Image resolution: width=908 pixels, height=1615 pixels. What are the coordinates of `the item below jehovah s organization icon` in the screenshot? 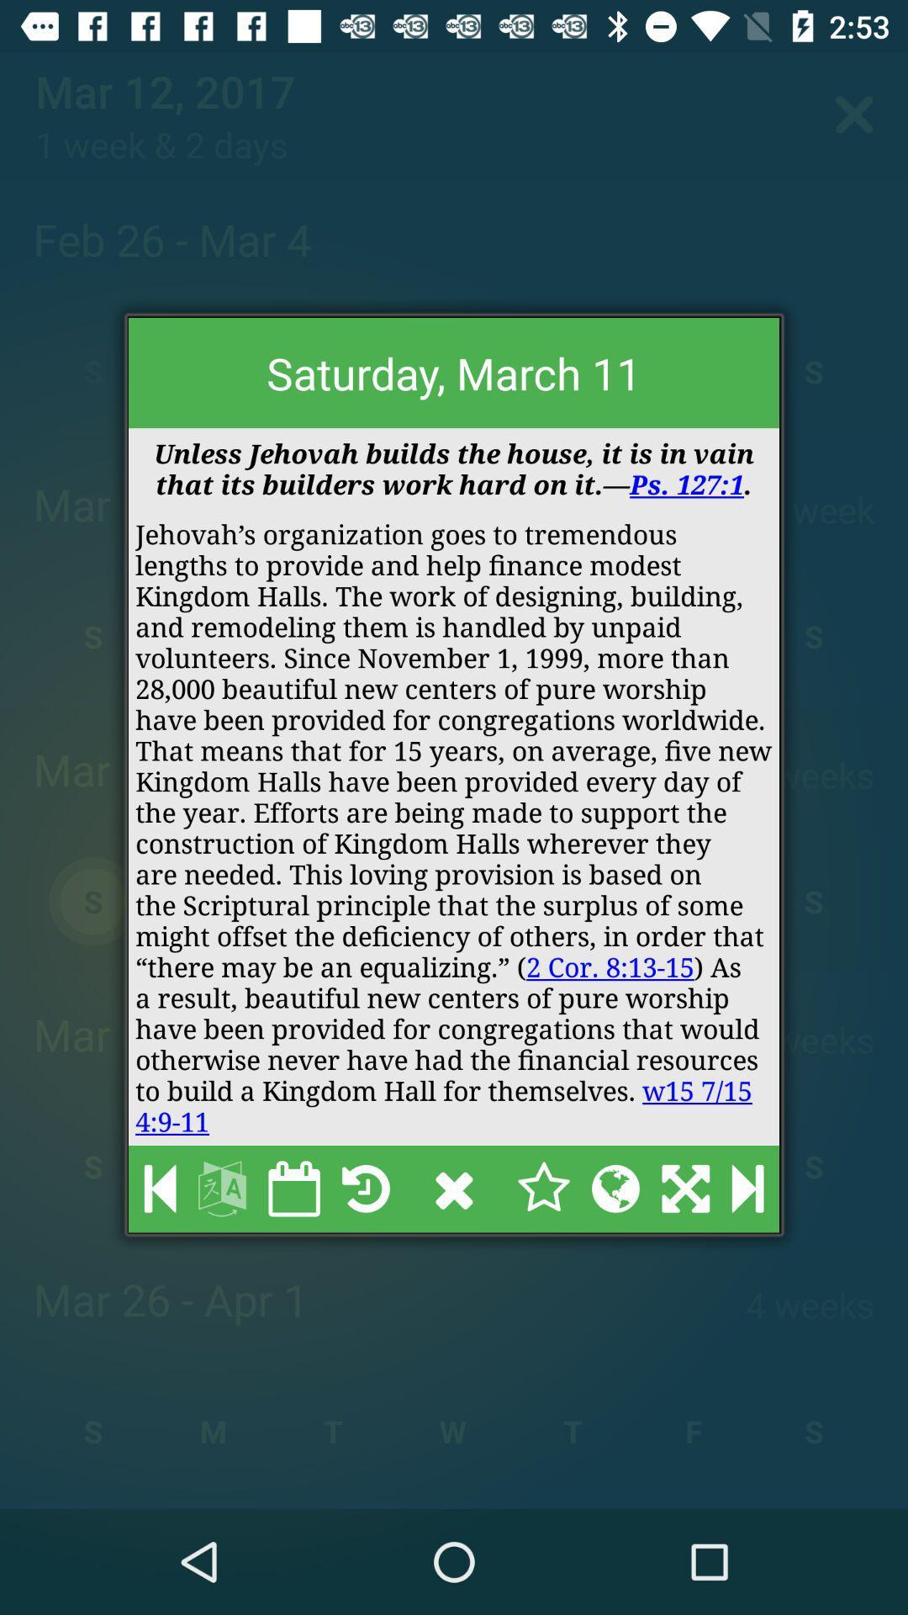 It's located at (747, 1188).